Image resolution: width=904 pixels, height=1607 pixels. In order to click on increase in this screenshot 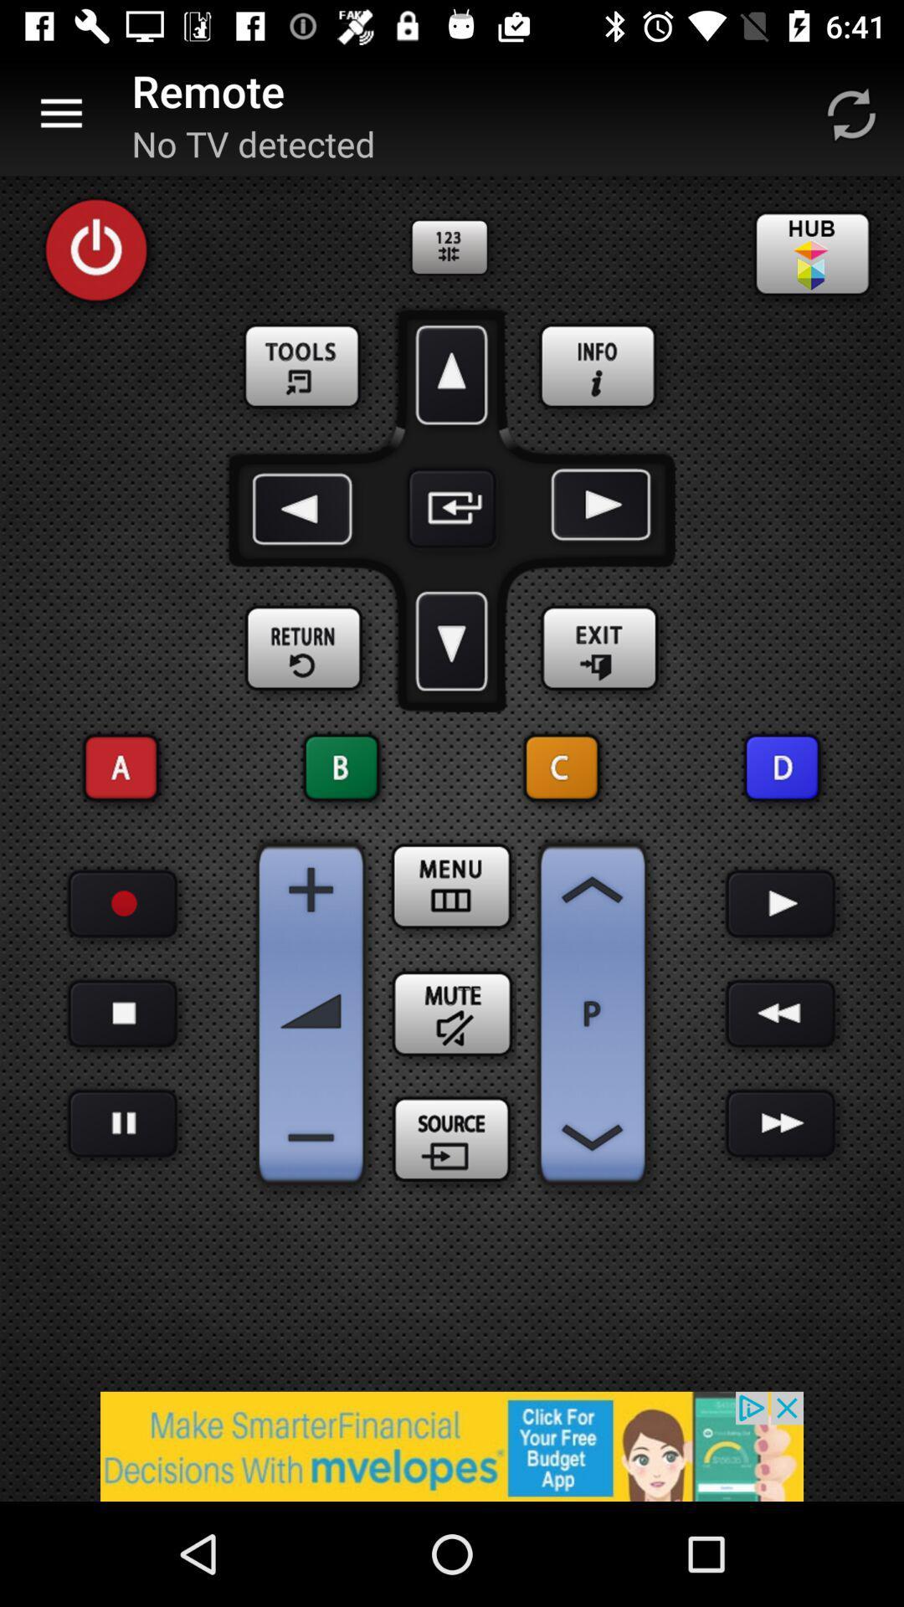, I will do `click(592, 889)`.